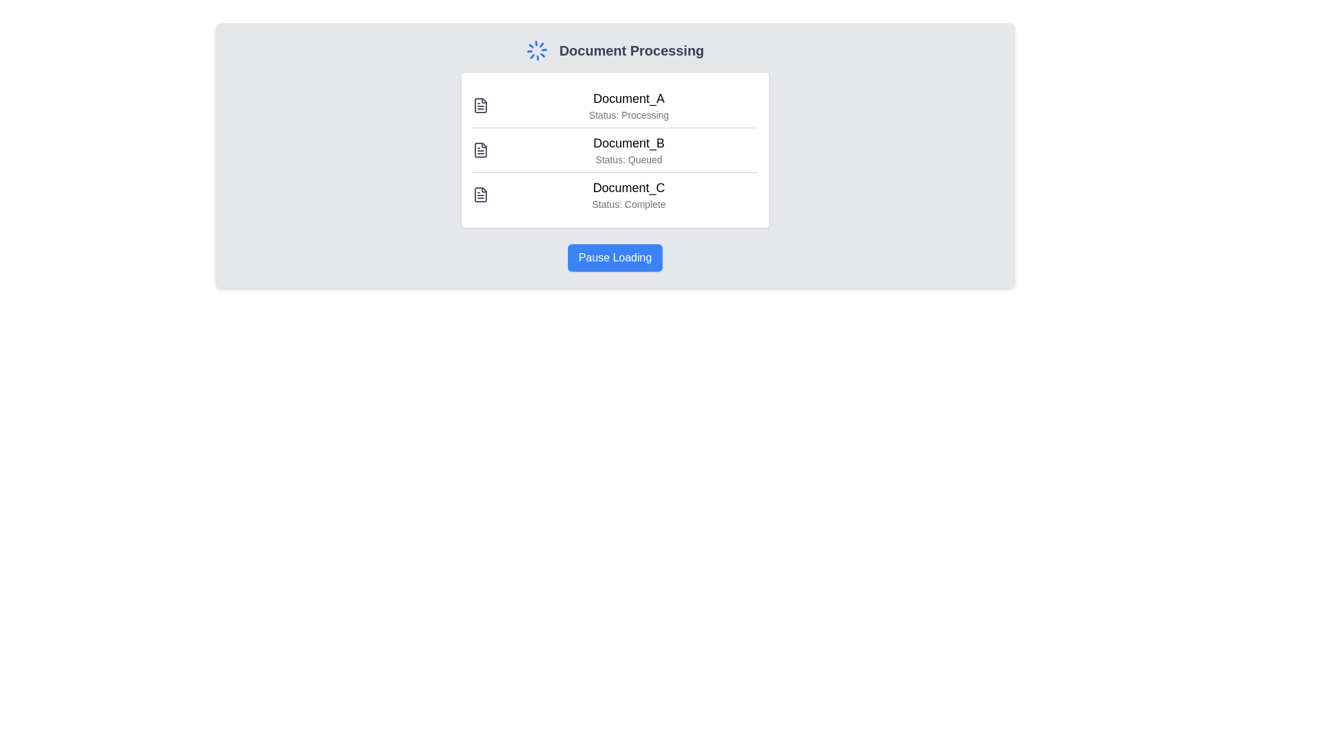 The image size is (1317, 741). Describe the element at coordinates (628, 195) in the screenshot. I see `text content of the third document entry in the processing queue, which is located below 'Document_A' and 'Document_B'` at that location.